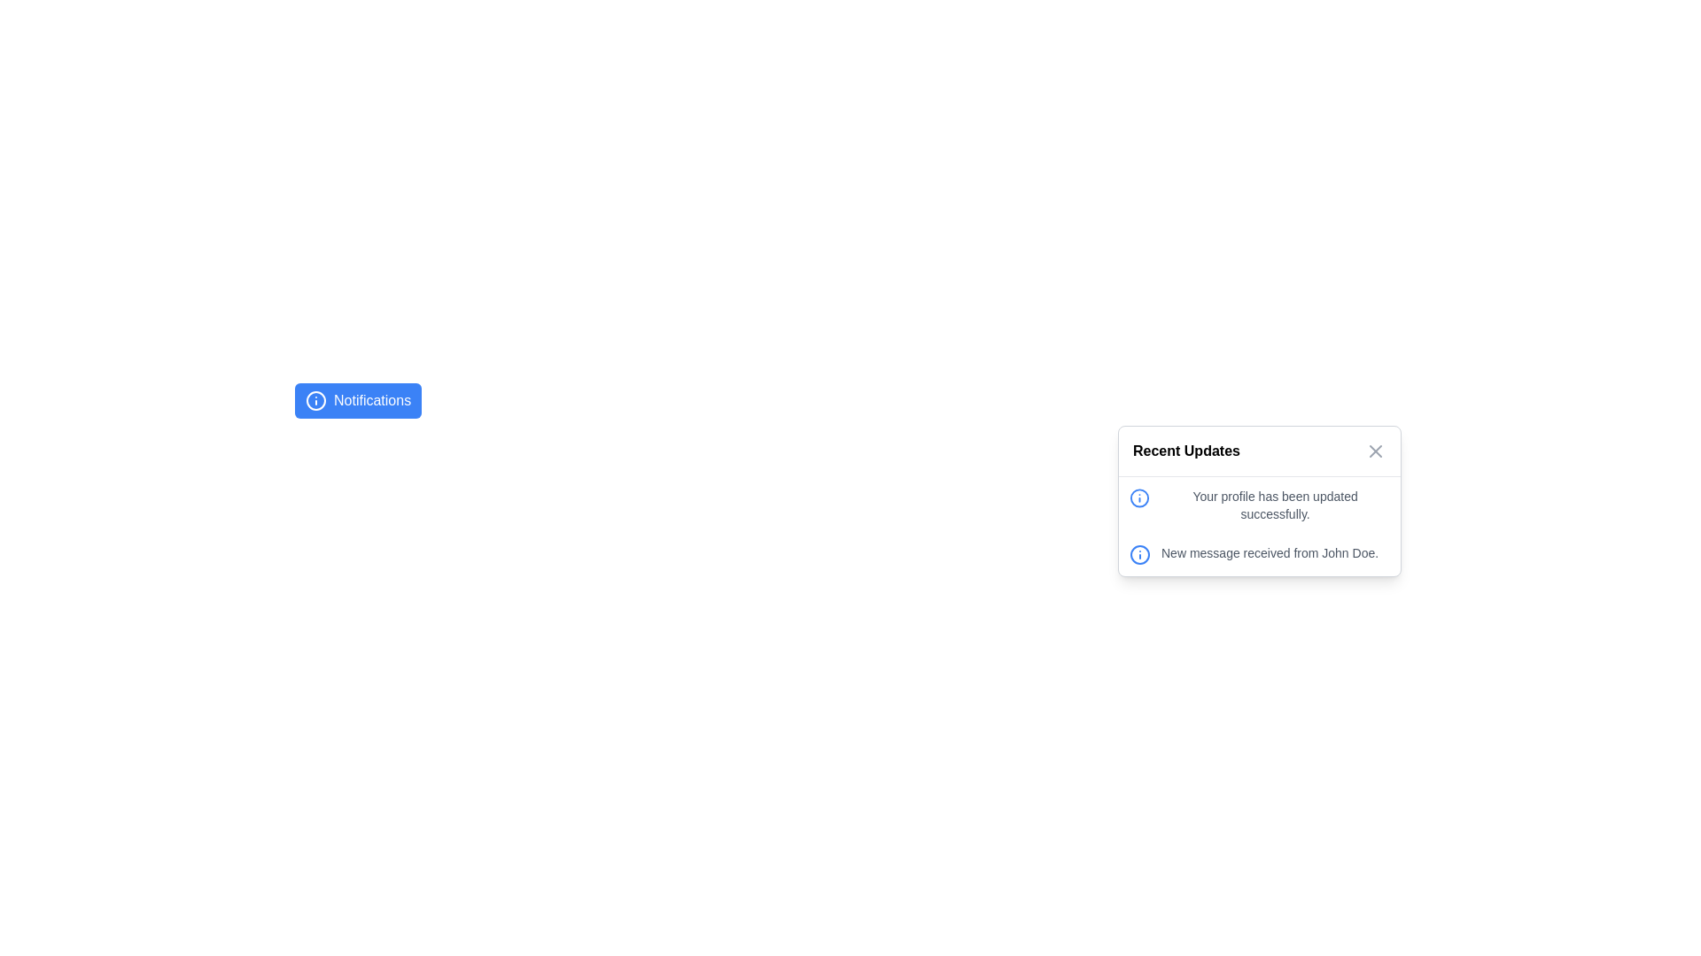  What do you see at coordinates (1139, 554) in the screenshot?
I see `the circular icon element` at bounding box center [1139, 554].